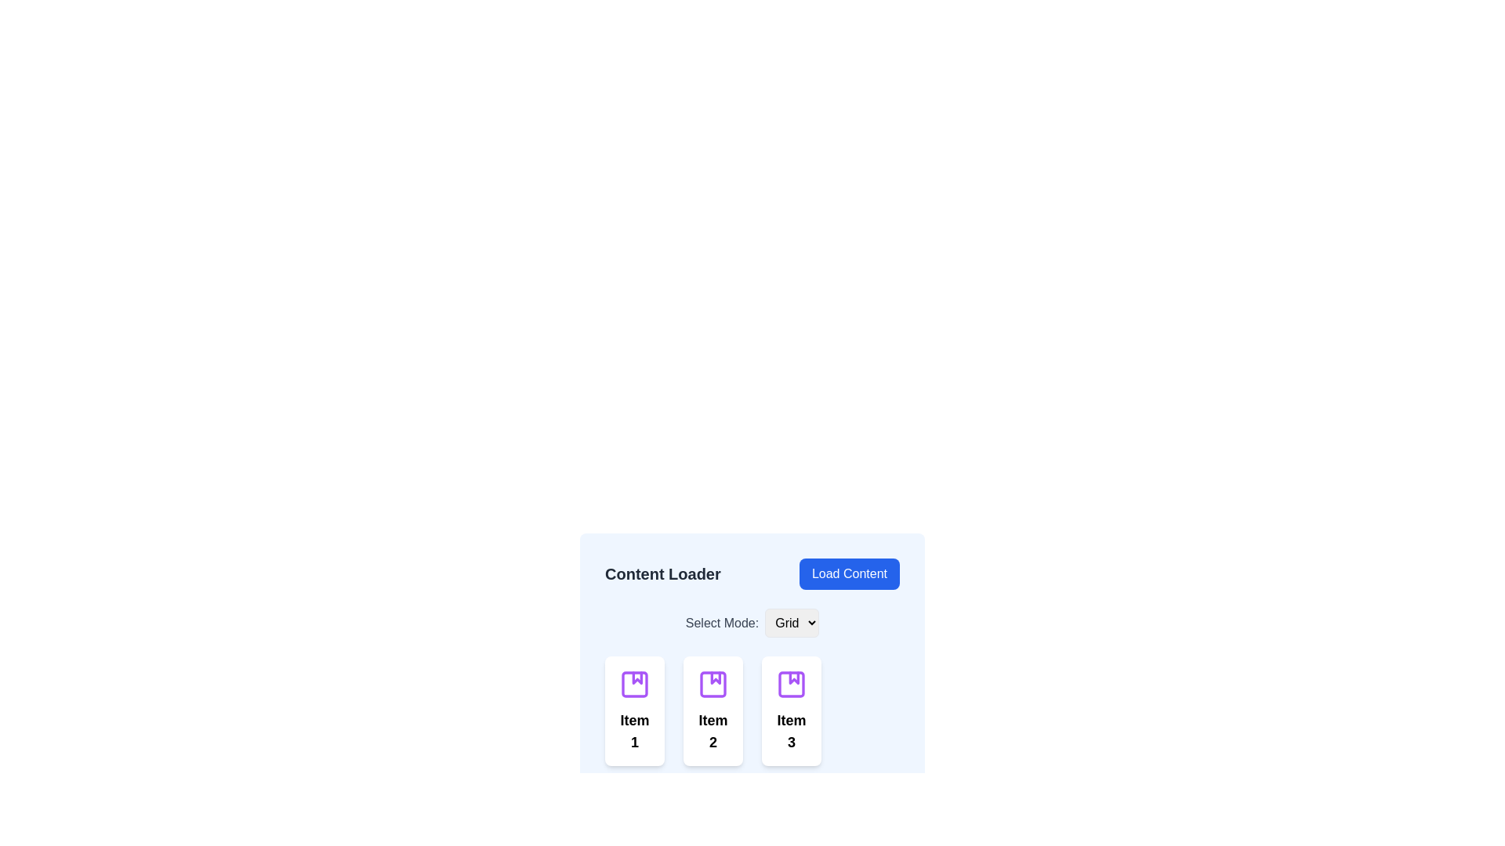  Describe the element at coordinates (791, 710) in the screenshot. I see `the third interactive tile or card with a purple icon and 'Item 3' text in bold black font` at that location.